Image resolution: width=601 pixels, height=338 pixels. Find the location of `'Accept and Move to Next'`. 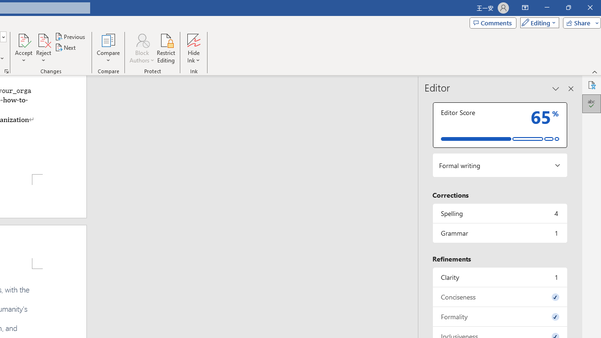

'Accept and Move to Next' is located at coordinates (23, 39).